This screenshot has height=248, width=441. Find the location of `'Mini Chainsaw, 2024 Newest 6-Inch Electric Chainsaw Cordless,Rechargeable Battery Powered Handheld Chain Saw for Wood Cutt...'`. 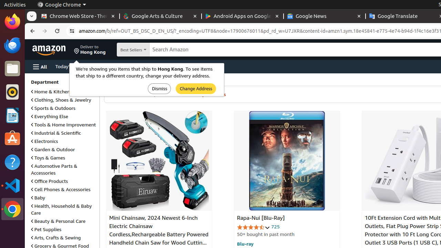

'Mini Chainsaw, 2024 Newest 6-Inch Electric Chainsaw Cordless,Rechargeable Battery Powered Handheld Chain Saw for Wood Cutt...' is located at coordinates (158, 161).